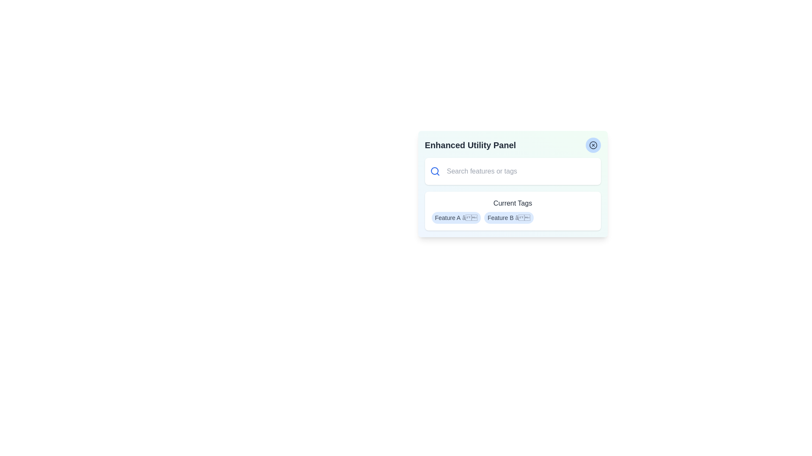 This screenshot has height=456, width=812. Describe the element at coordinates (522, 217) in the screenshot. I see `the close button '✕' located at the end of the 'Feature B' tag` at that location.